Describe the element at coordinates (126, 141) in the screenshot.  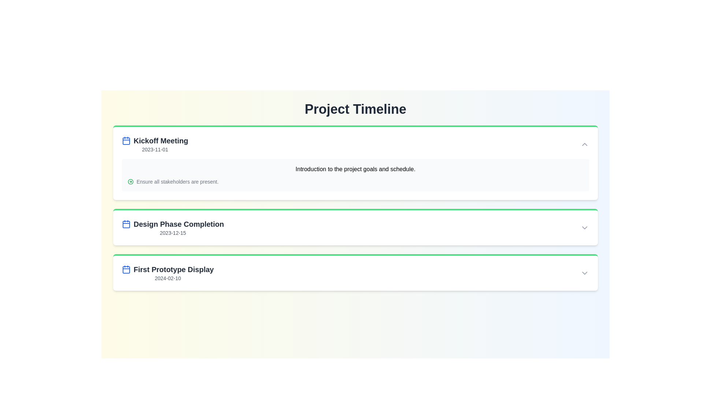
I see `the blue rounded rectangle element within the calendar icon preceding the 'Design Phase Completion' item` at that location.